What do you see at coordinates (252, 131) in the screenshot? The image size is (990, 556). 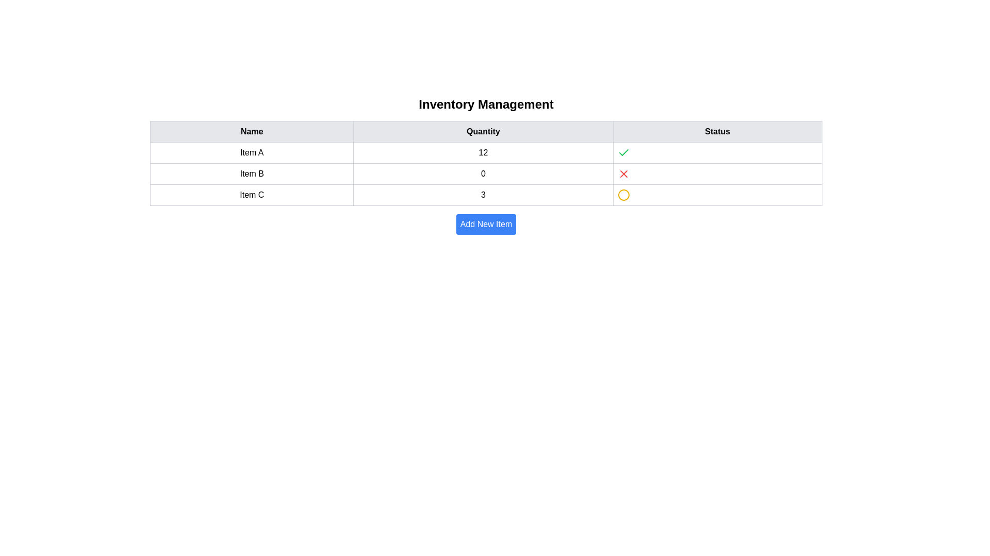 I see `the Table Column Header containing the bold text 'Name' which is styled with a border and a light gray background` at bounding box center [252, 131].